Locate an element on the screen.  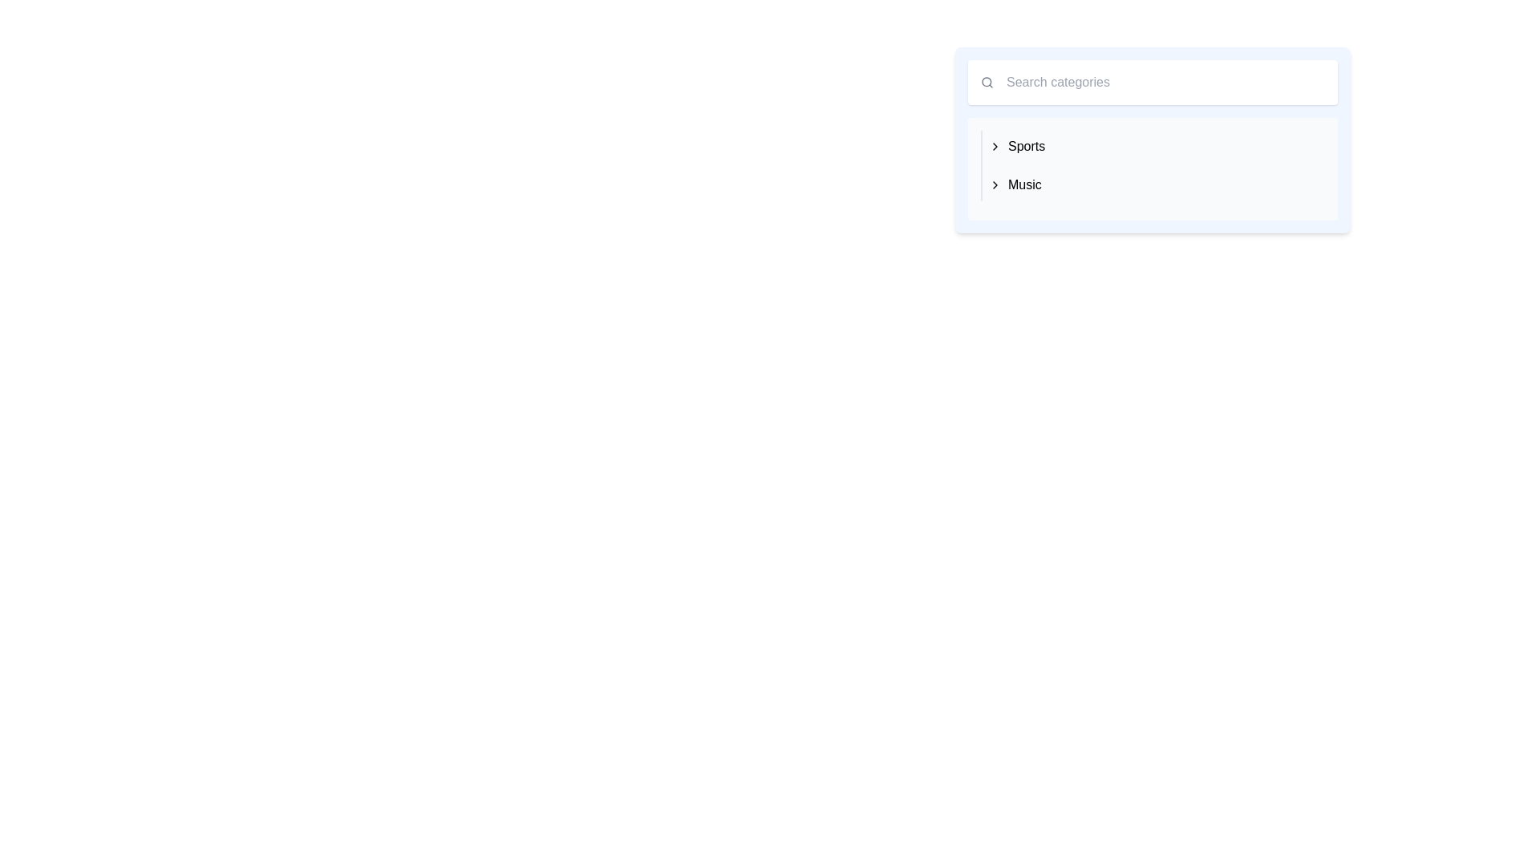
the Rightward-pointing chevron icon located to the left of the 'Sports' label in the navigation panel is located at coordinates (995, 146).